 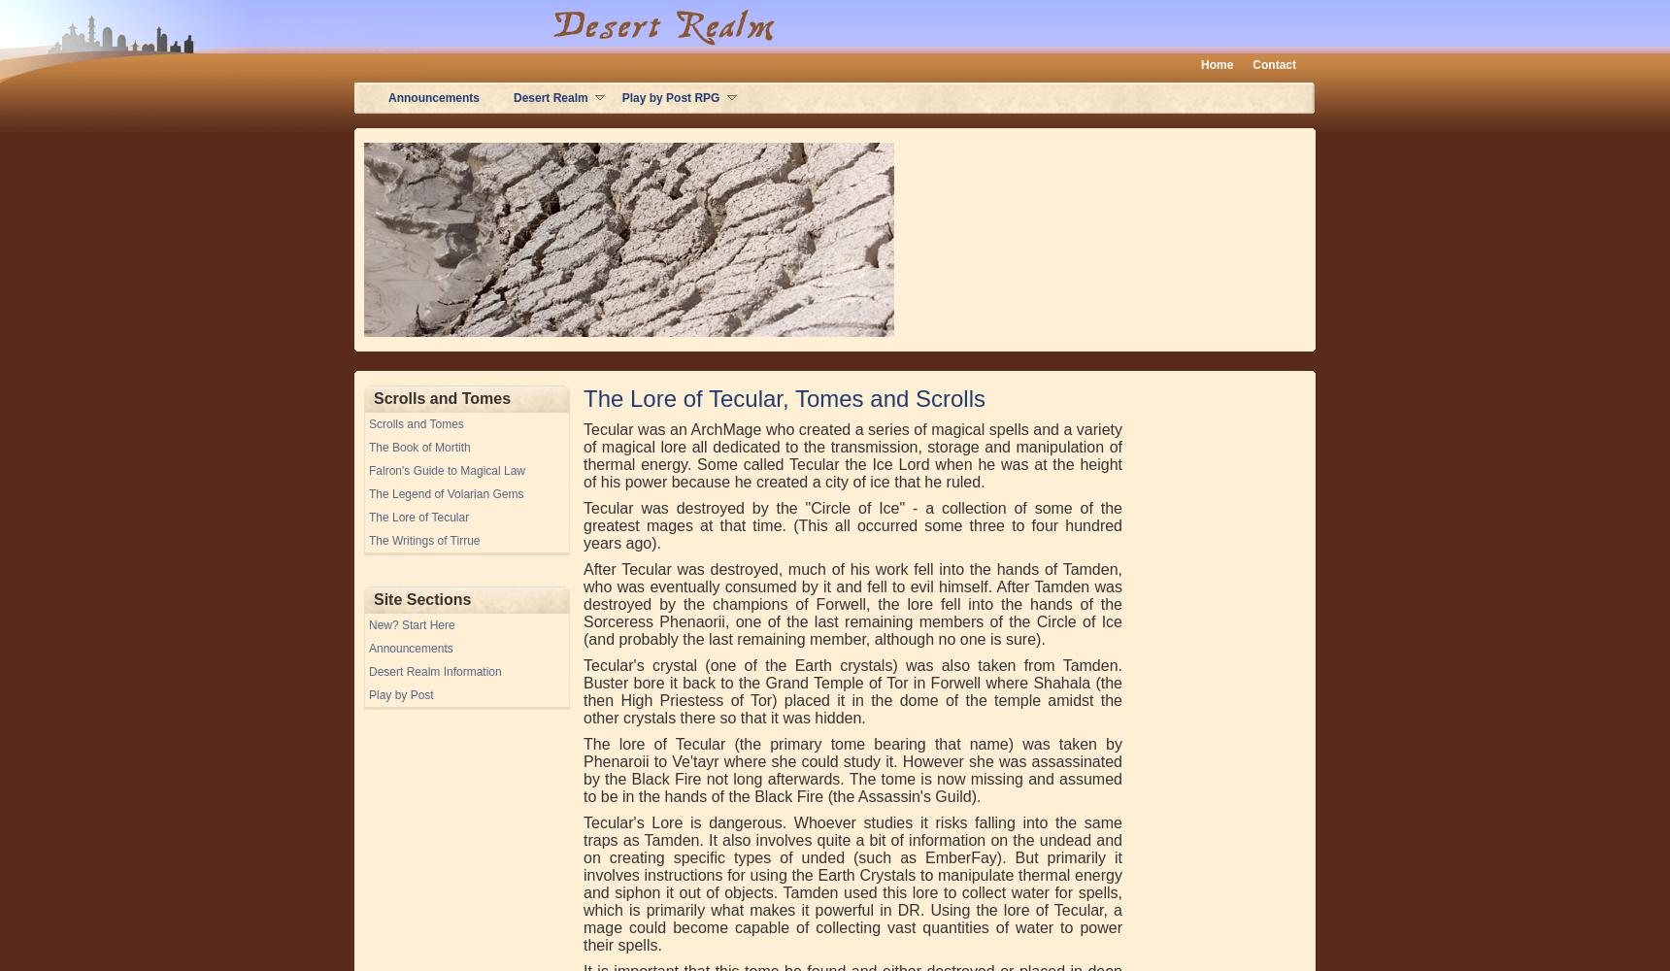 I want to click on 'Deities and Priesthoods', so click(x=444, y=127).